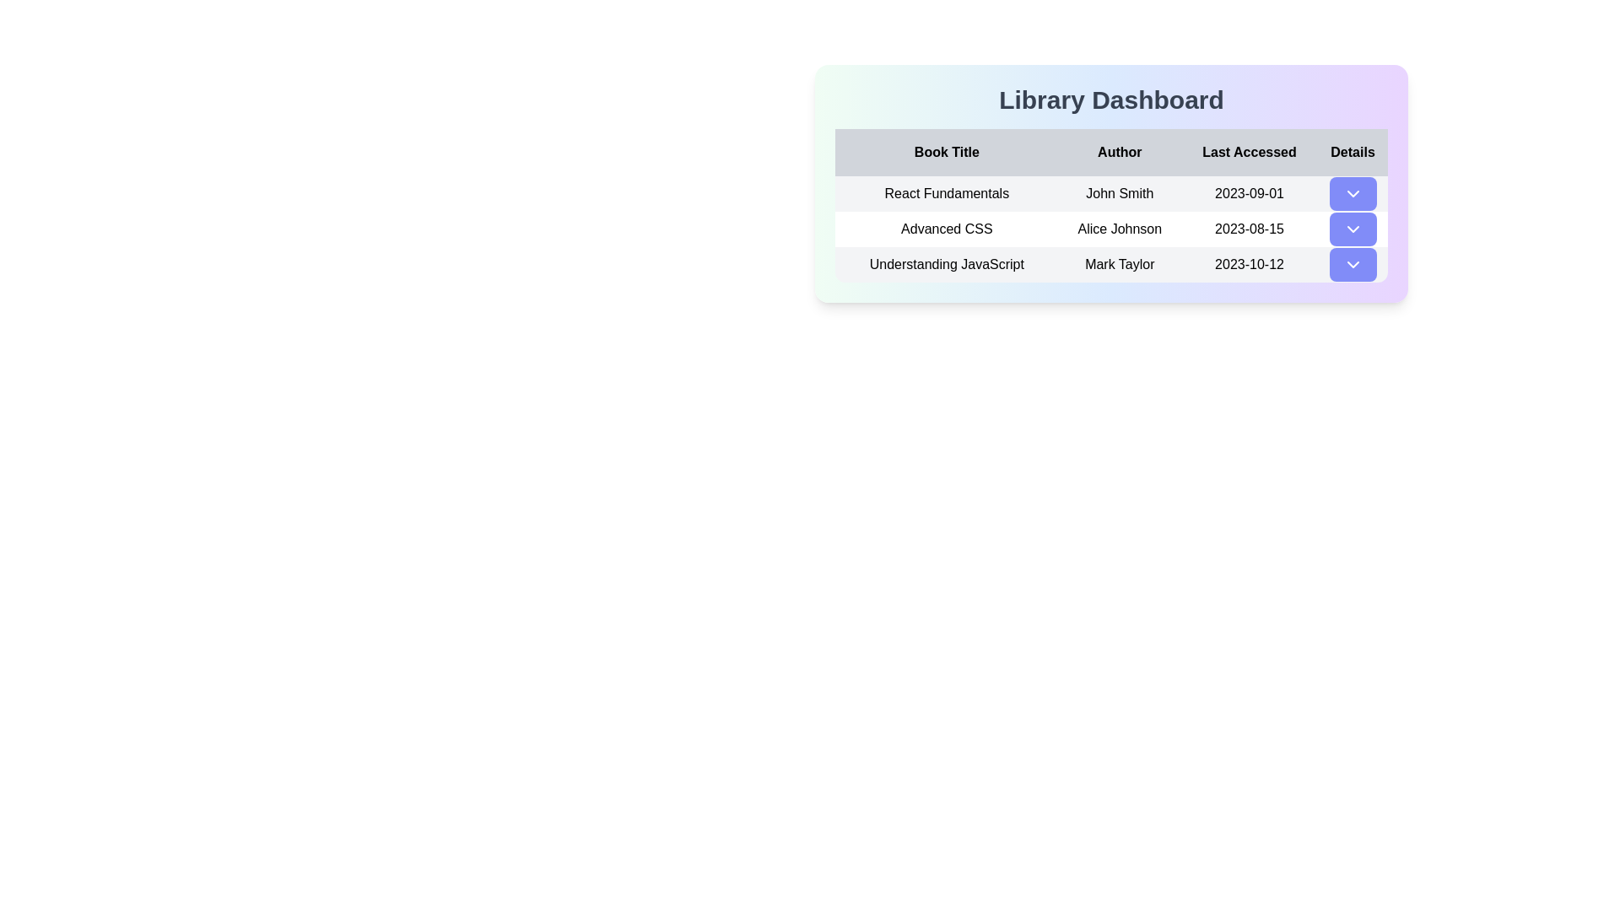 The width and height of the screenshot is (1620, 911). I want to click on the text 'Library Dashboard', so click(1111, 100).